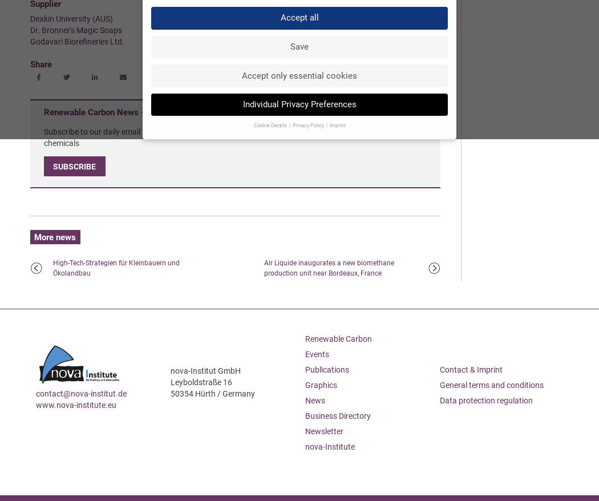 The height and width of the screenshot is (501, 599). What do you see at coordinates (200, 382) in the screenshot?
I see `'Leyboldstraße 16'` at bounding box center [200, 382].